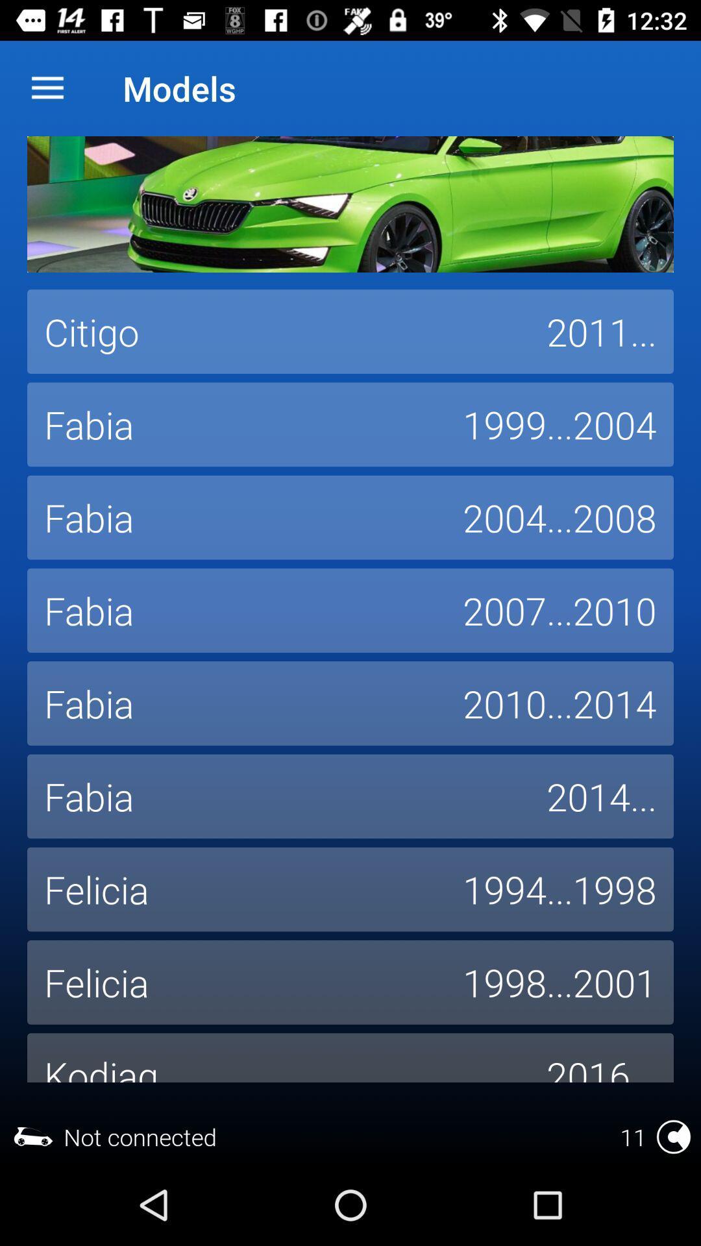 The height and width of the screenshot is (1246, 701). I want to click on icon next to the models item, so click(47, 88).